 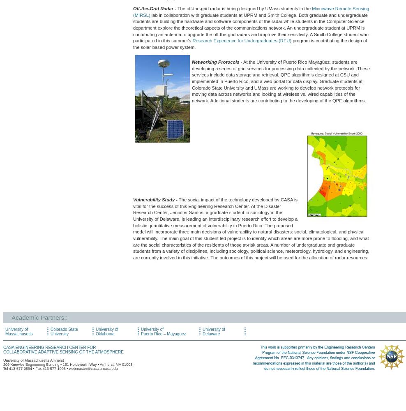 I want to click on 'Collaborative Adaptive Sensing of the Atmosphere', so click(x=63, y=351).